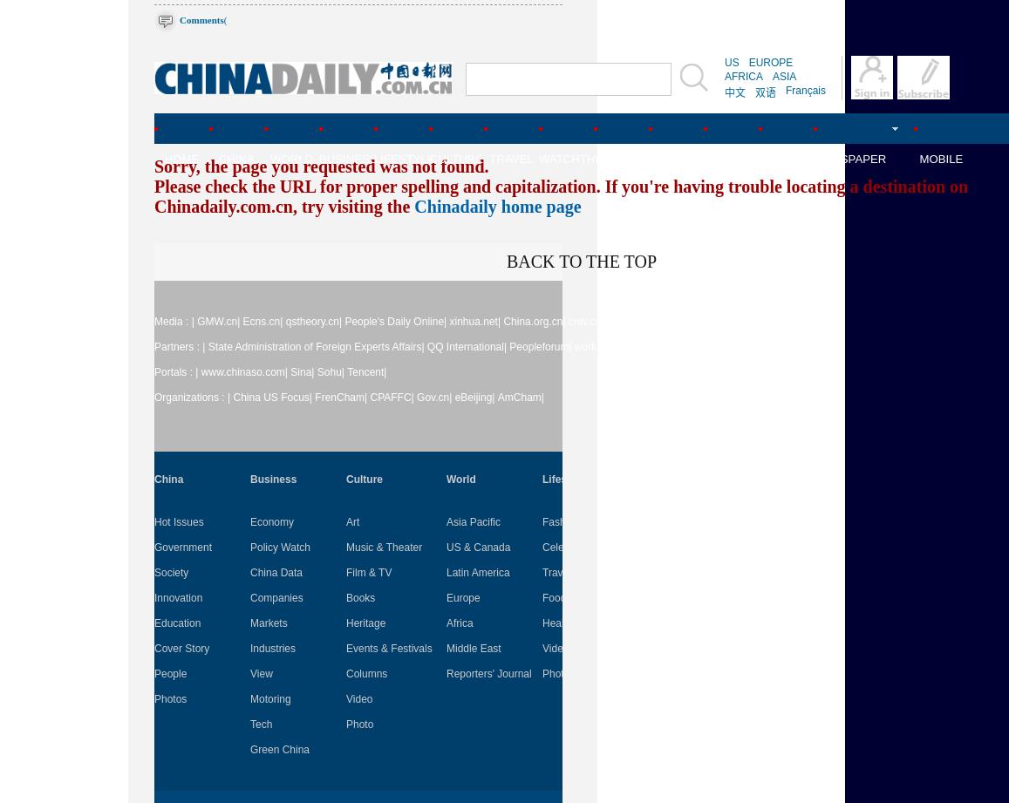 The image size is (1009, 803). What do you see at coordinates (474, 322) in the screenshot?
I see `'xinhua.net|'` at bounding box center [474, 322].